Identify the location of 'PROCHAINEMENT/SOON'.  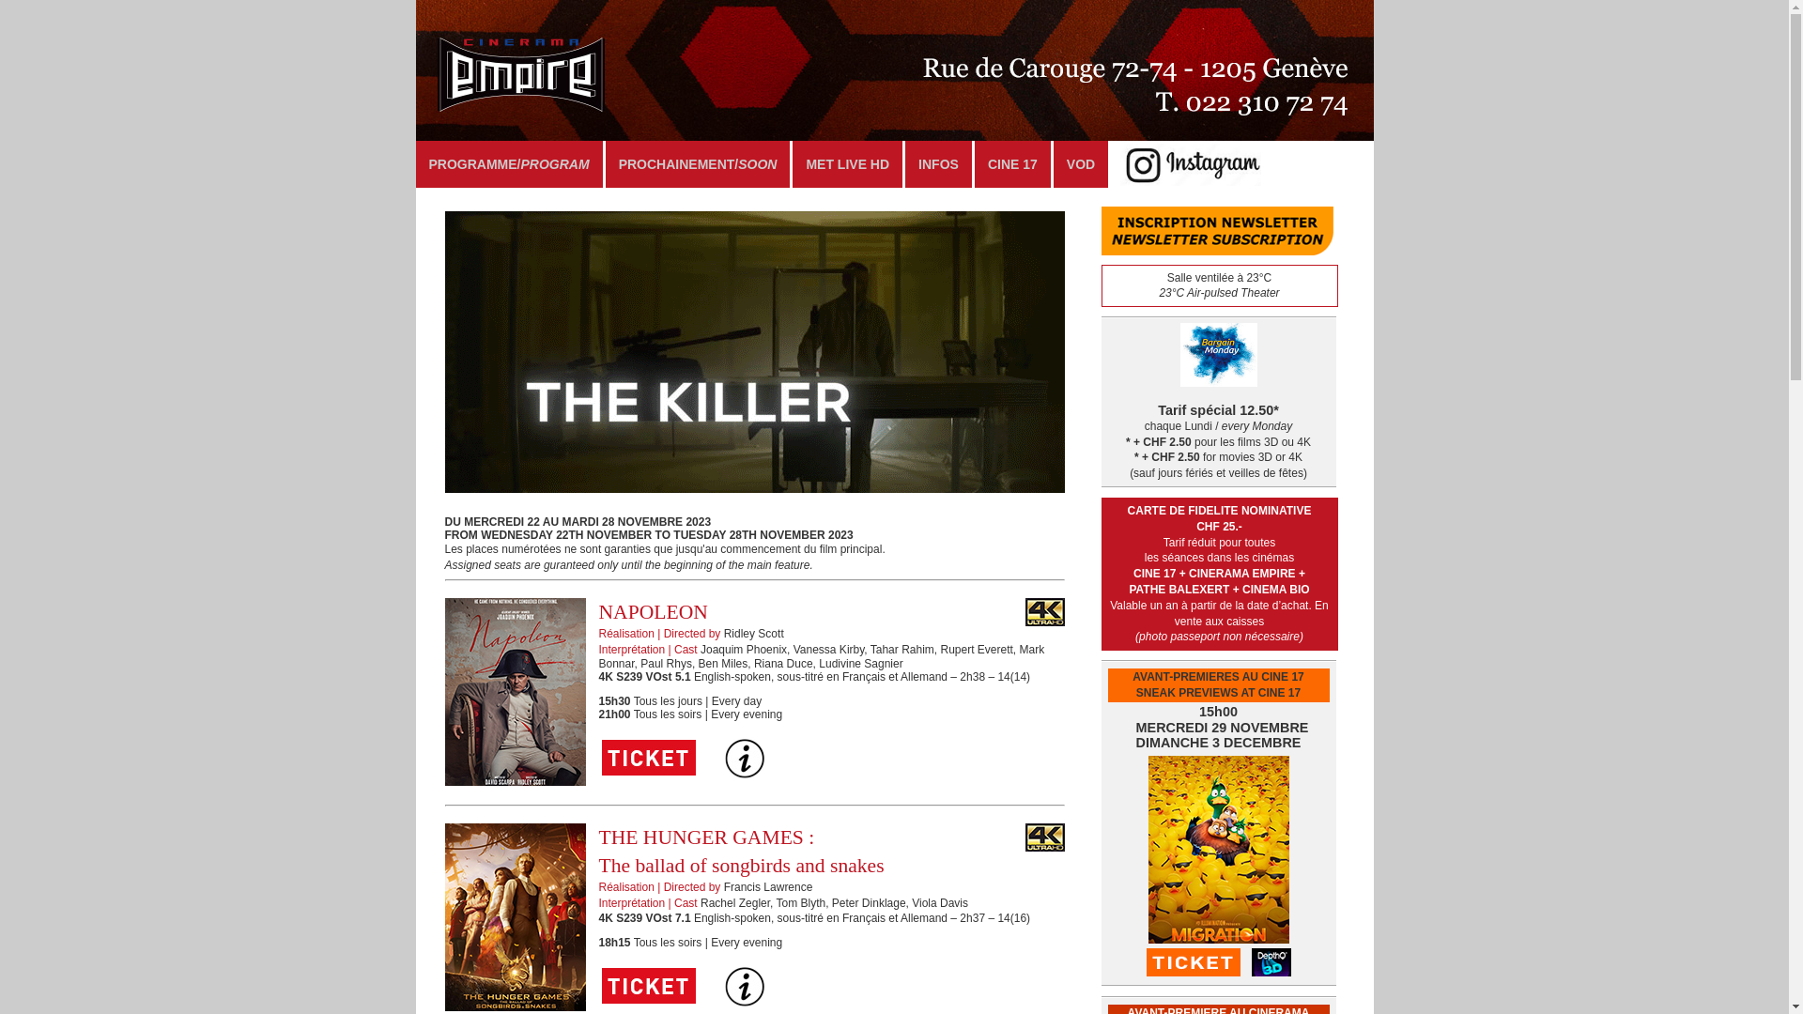
(697, 162).